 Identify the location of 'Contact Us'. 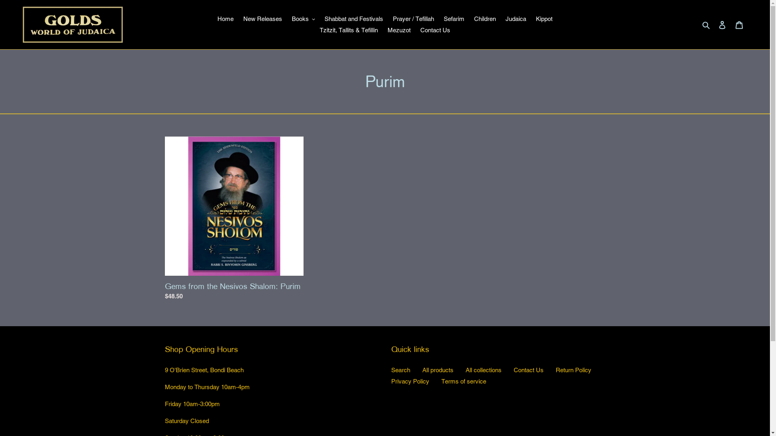
(434, 30).